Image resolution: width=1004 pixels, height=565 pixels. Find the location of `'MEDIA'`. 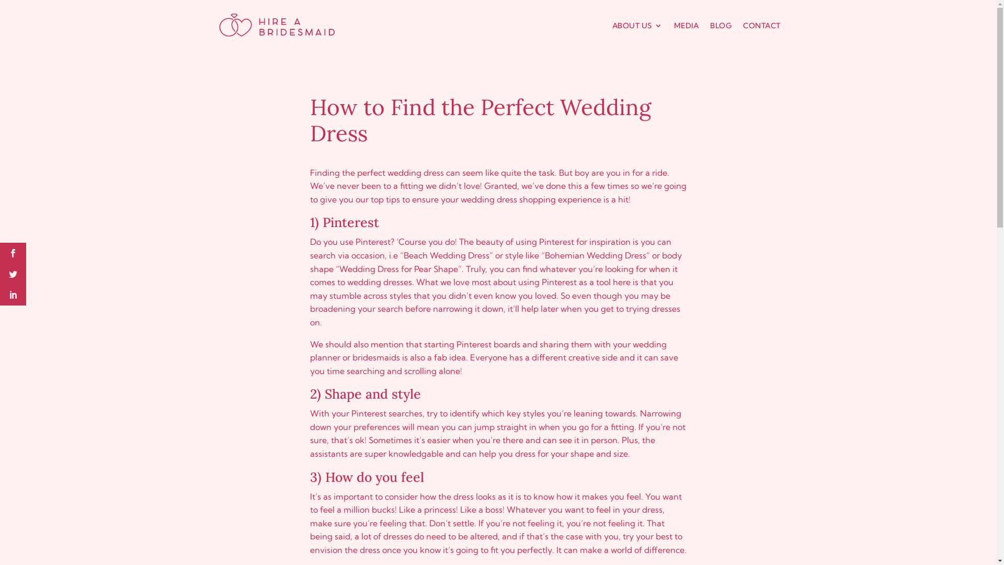

'MEDIA' is located at coordinates (686, 25).